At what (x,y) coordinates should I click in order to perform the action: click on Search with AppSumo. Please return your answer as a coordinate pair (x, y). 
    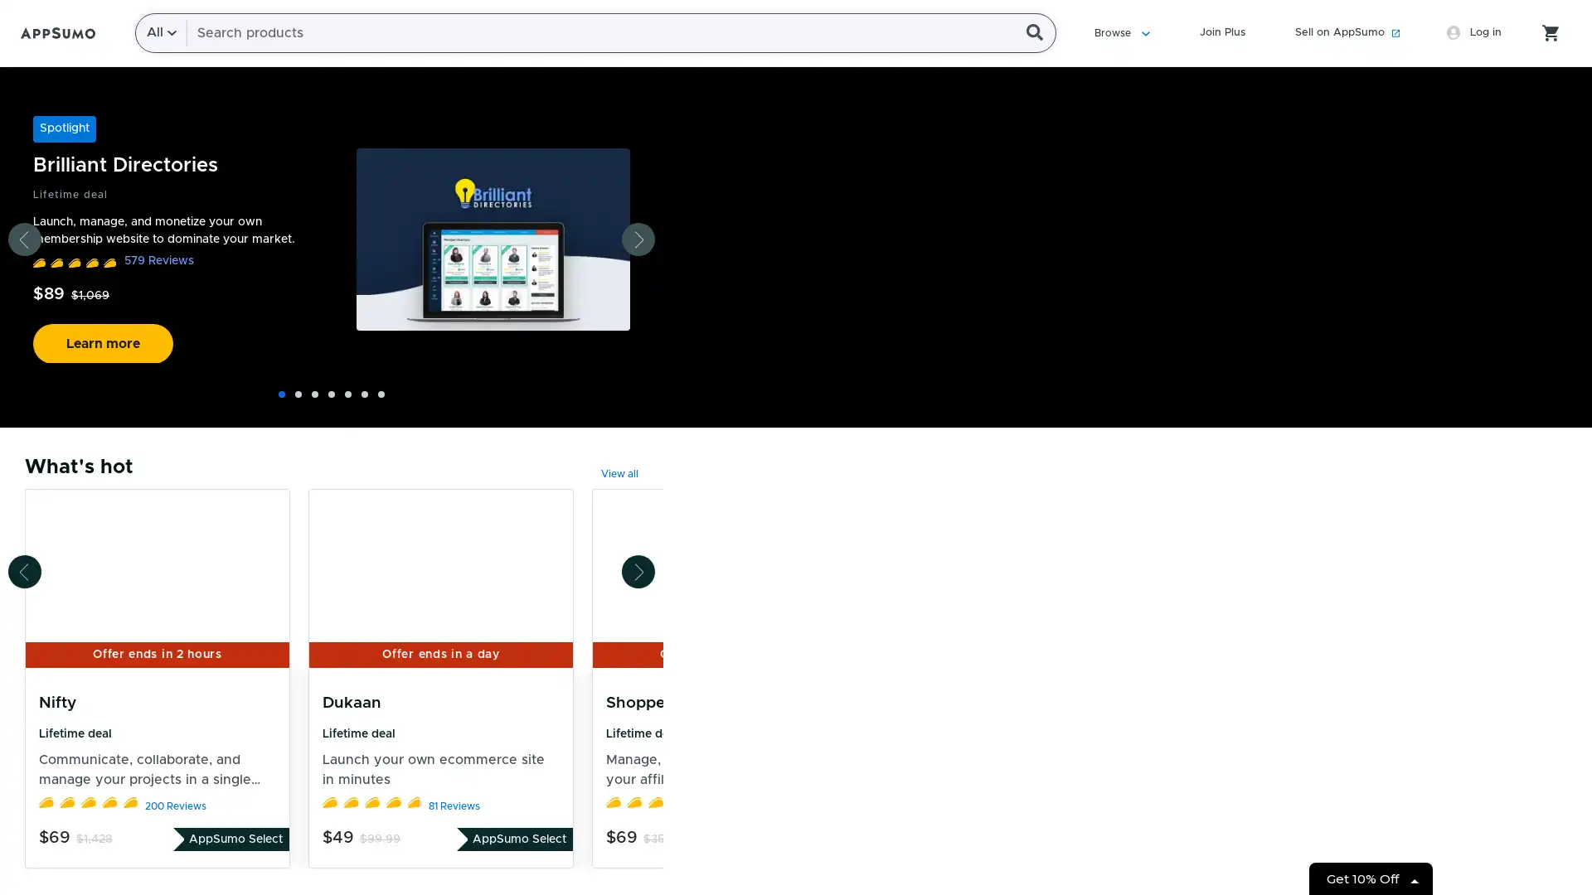
    Looking at the image, I should click on (1039, 32).